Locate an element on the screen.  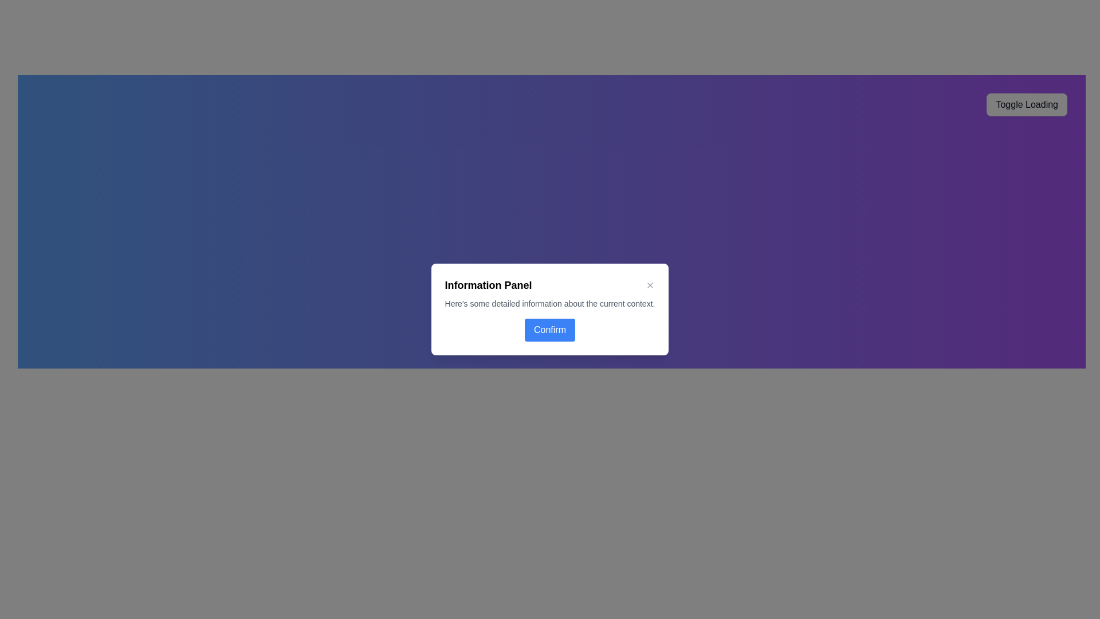
the static informational text element styled in gray font that reads 'Here's some detailed information about the current context.' located in the center of the white panel below the 'Information Panel' heading and above the 'Confirm' button is located at coordinates (550, 303).